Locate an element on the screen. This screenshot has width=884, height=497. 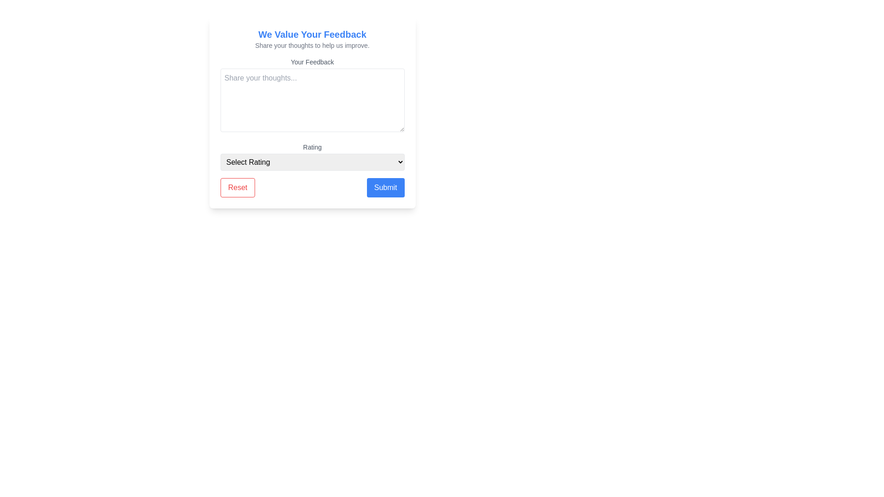
the text label that reads 'Your Feedback.', which is styled with a smaller font size in muted gray and positioned above a multi-line text input box is located at coordinates (312, 62).